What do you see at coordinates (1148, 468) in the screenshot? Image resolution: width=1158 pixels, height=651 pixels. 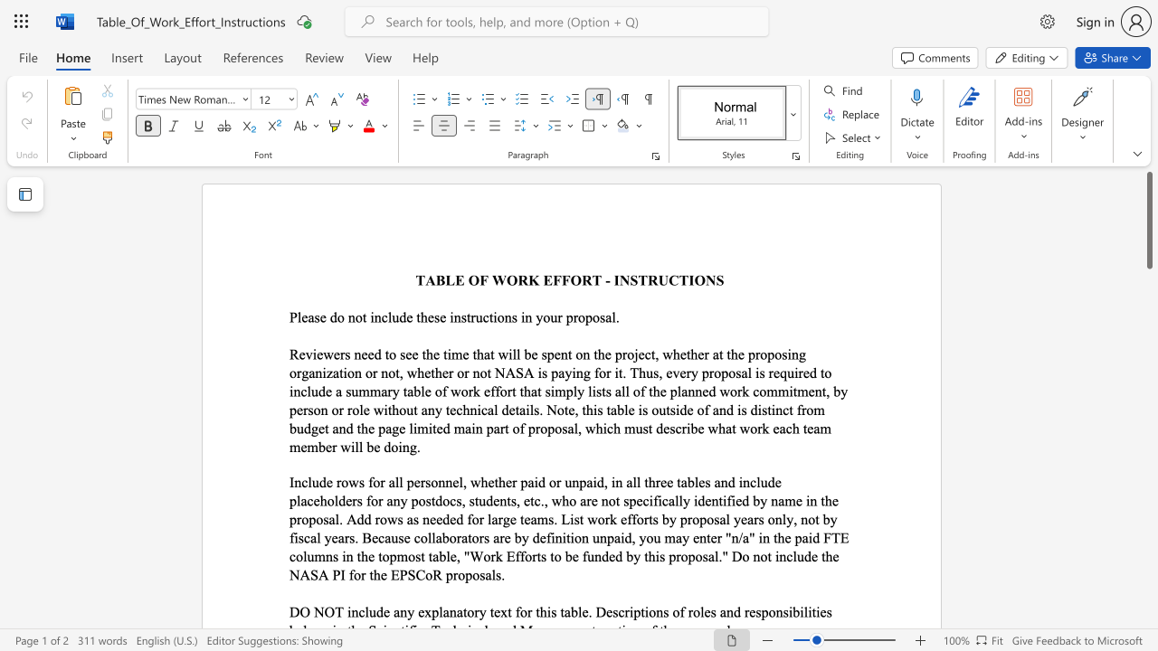 I see `the scrollbar to adjust the page downward` at bounding box center [1148, 468].